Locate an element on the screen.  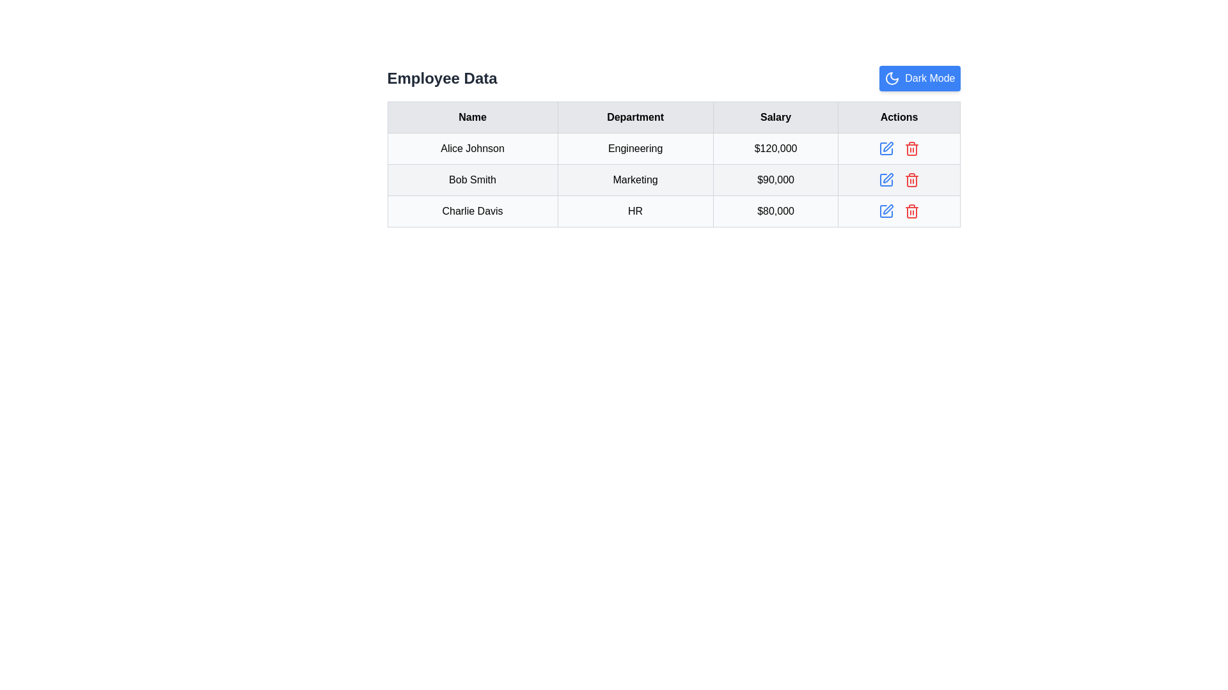
the second row of the employee records table is located at coordinates (673, 180).